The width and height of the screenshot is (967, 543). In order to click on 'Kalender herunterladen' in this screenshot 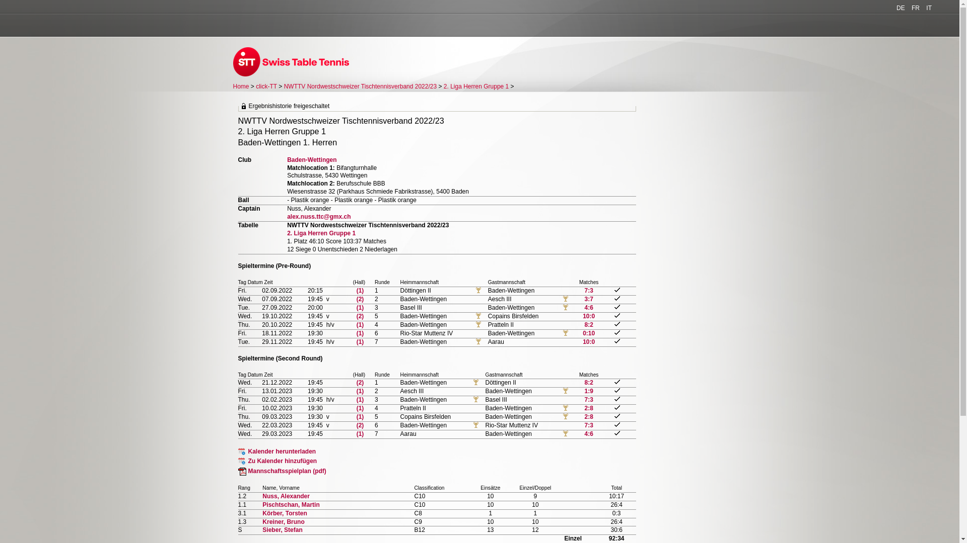, I will do `click(277, 451)`.